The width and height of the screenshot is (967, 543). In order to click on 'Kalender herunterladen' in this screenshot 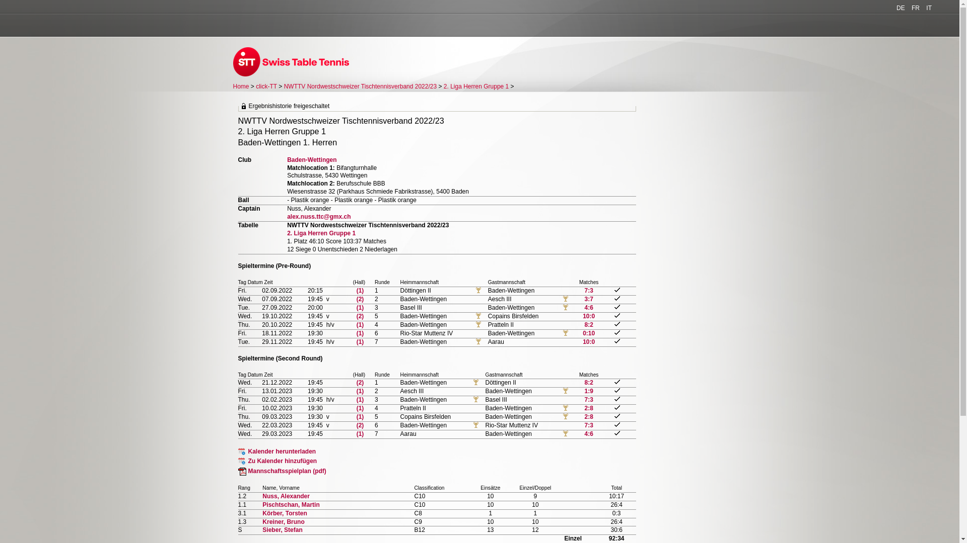, I will do `click(277, 451)`.